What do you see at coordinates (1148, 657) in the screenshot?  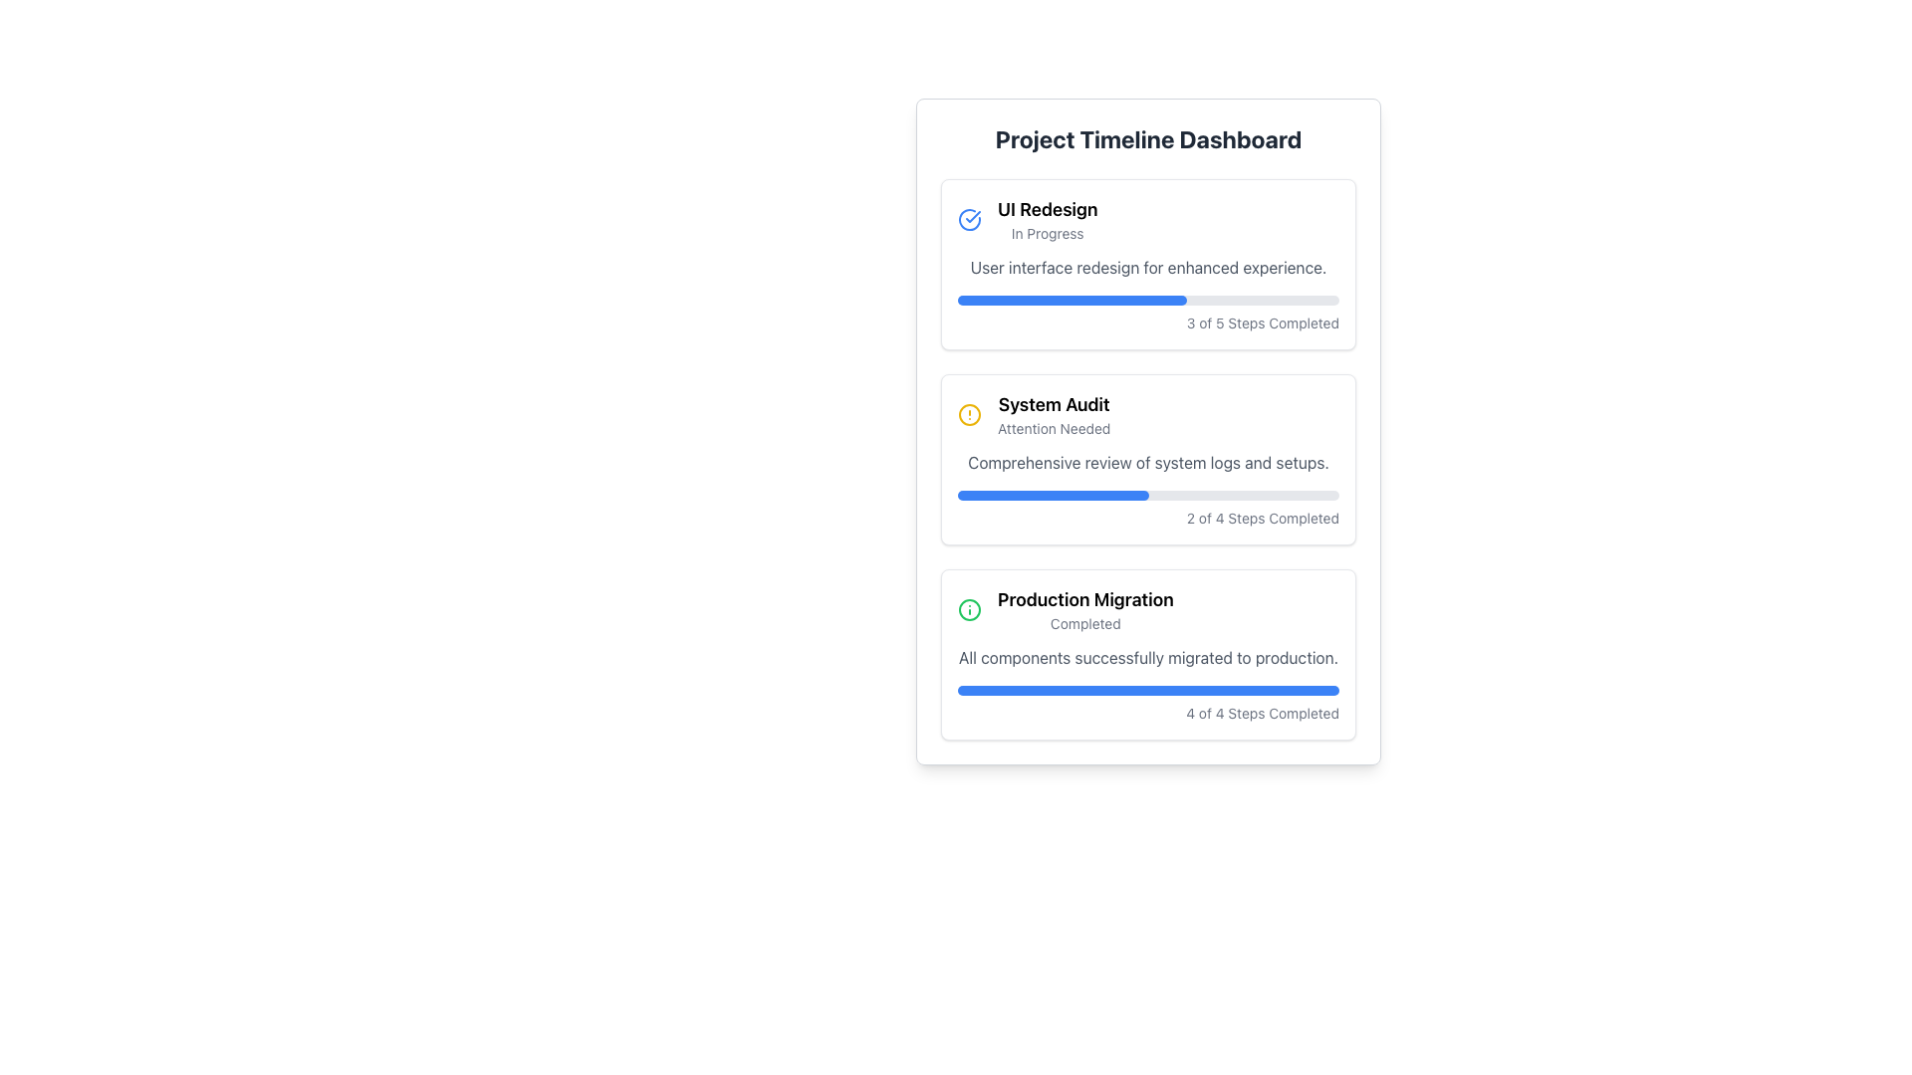 I see `the static text element that confirms the status of the production migration process, located within the 'Production Migration' box, below the headline and above the progress bar` at bounding box center [1148, 657].